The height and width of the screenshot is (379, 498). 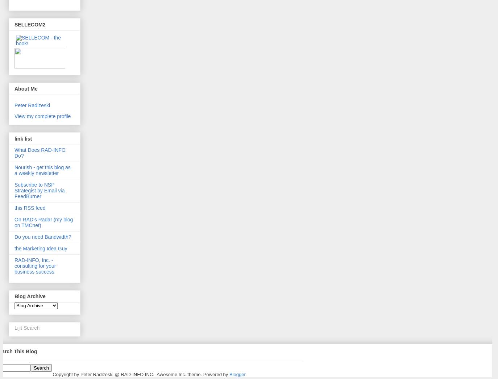 I want to click on 'the Marketing Idea Guy', so click(x=40, y=248).